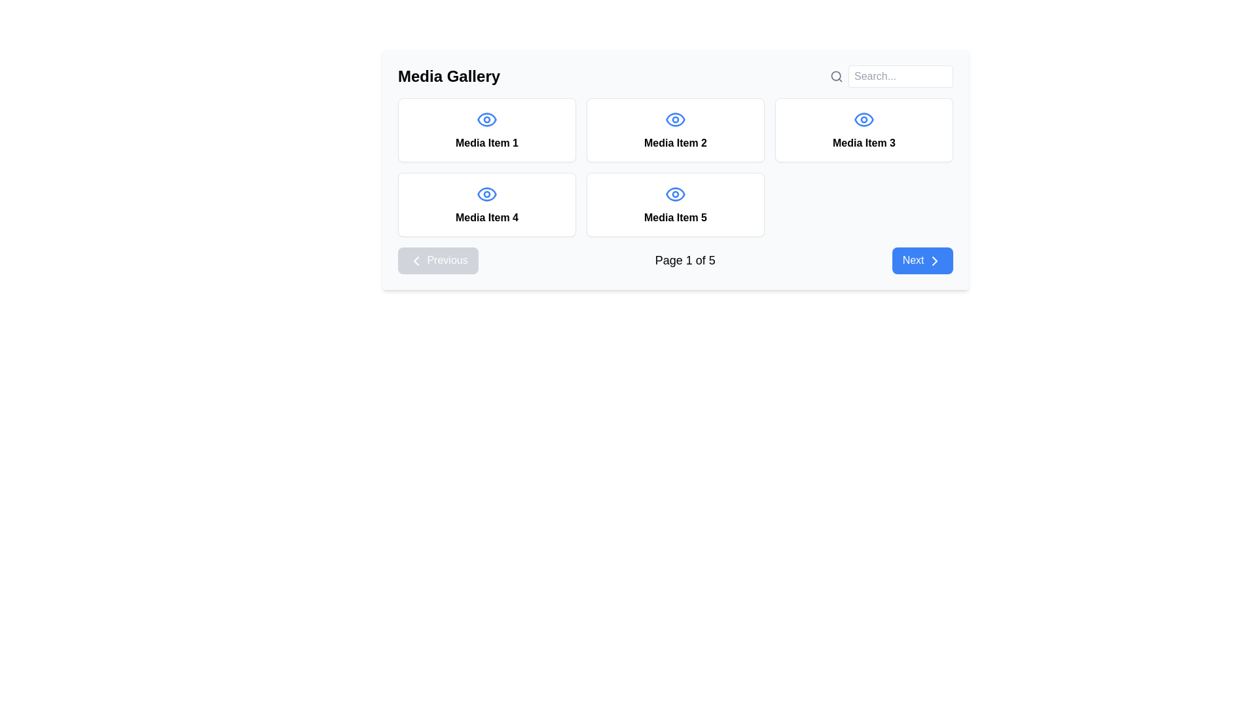 This screenshot has height=707, width=1257. I want to click on the text labeled 'Media Item 4' located, so click(486, 217).